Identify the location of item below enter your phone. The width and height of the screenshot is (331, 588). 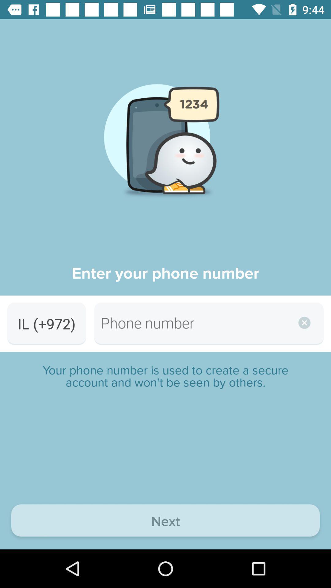
(46, 323).